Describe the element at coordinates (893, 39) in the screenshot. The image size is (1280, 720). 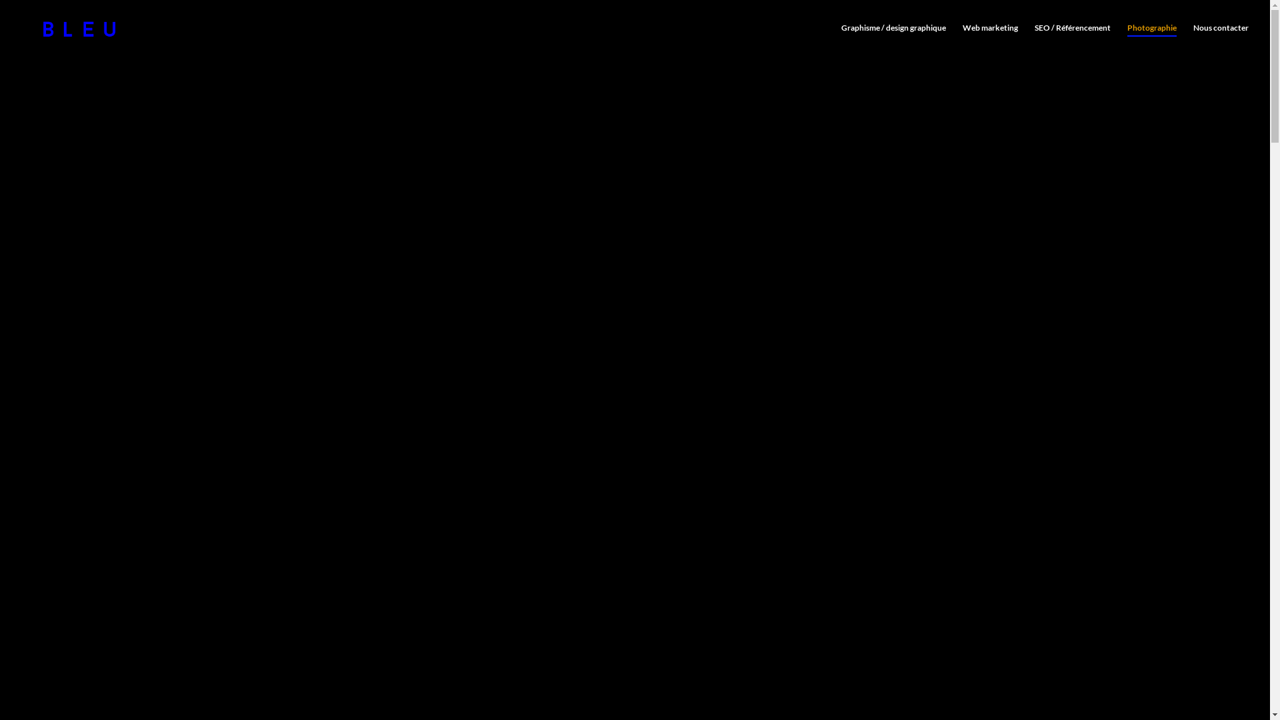
I see `'Graphisme / design graphique'` at that location.